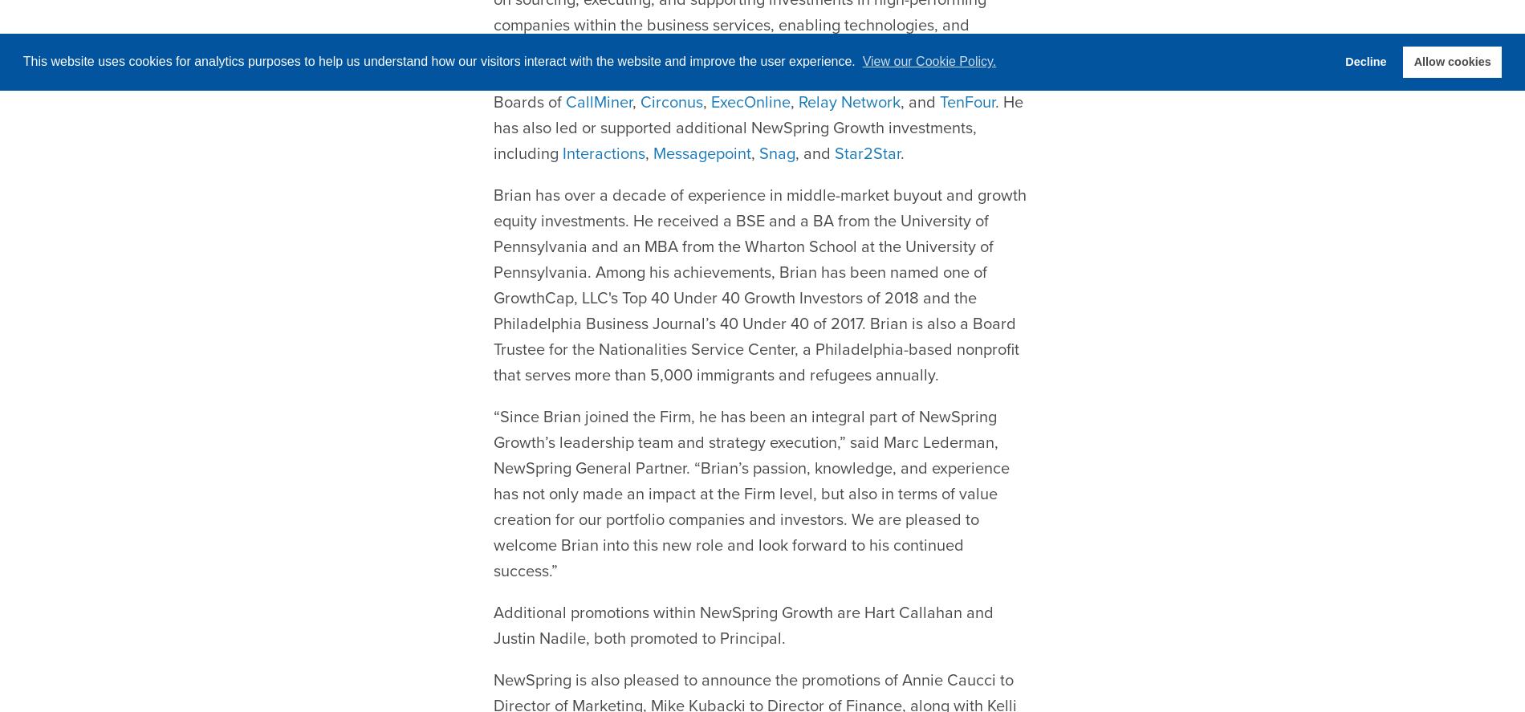 This screenshot has width=1525, height=712. Describe the element at coordinates (603, 114) in the screenshot. I see `'Interactions'` at that location.